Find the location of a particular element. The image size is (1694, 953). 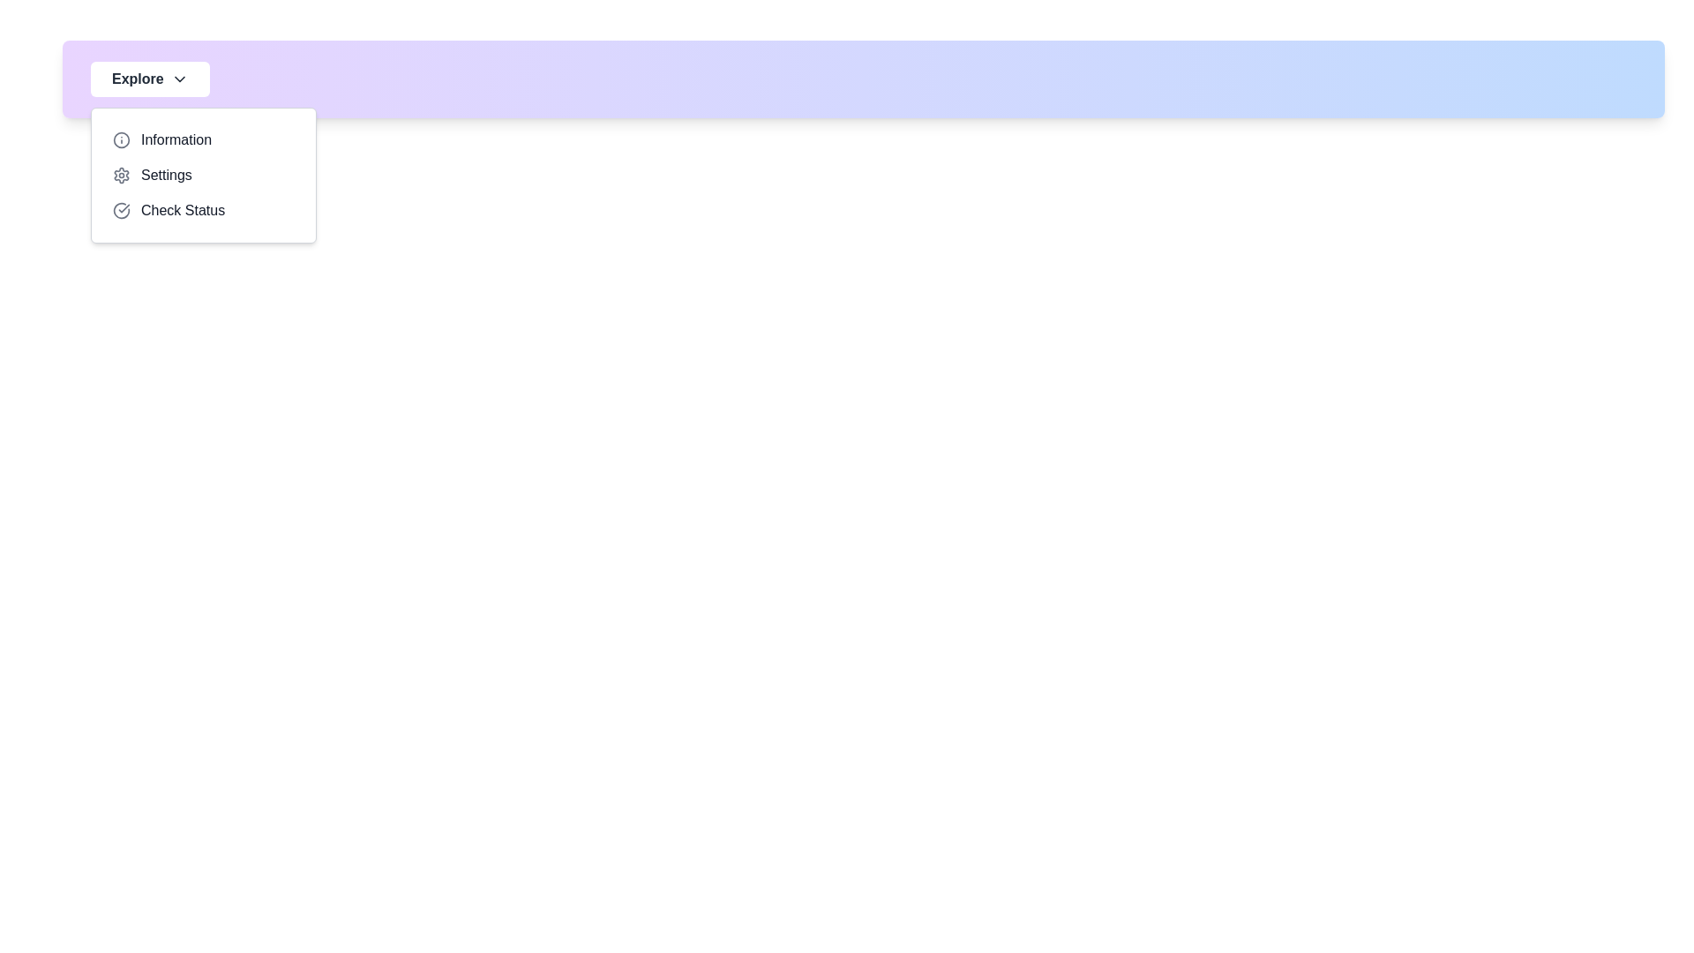

the menu item Information to highlight it is located at coordinates (203, 139).